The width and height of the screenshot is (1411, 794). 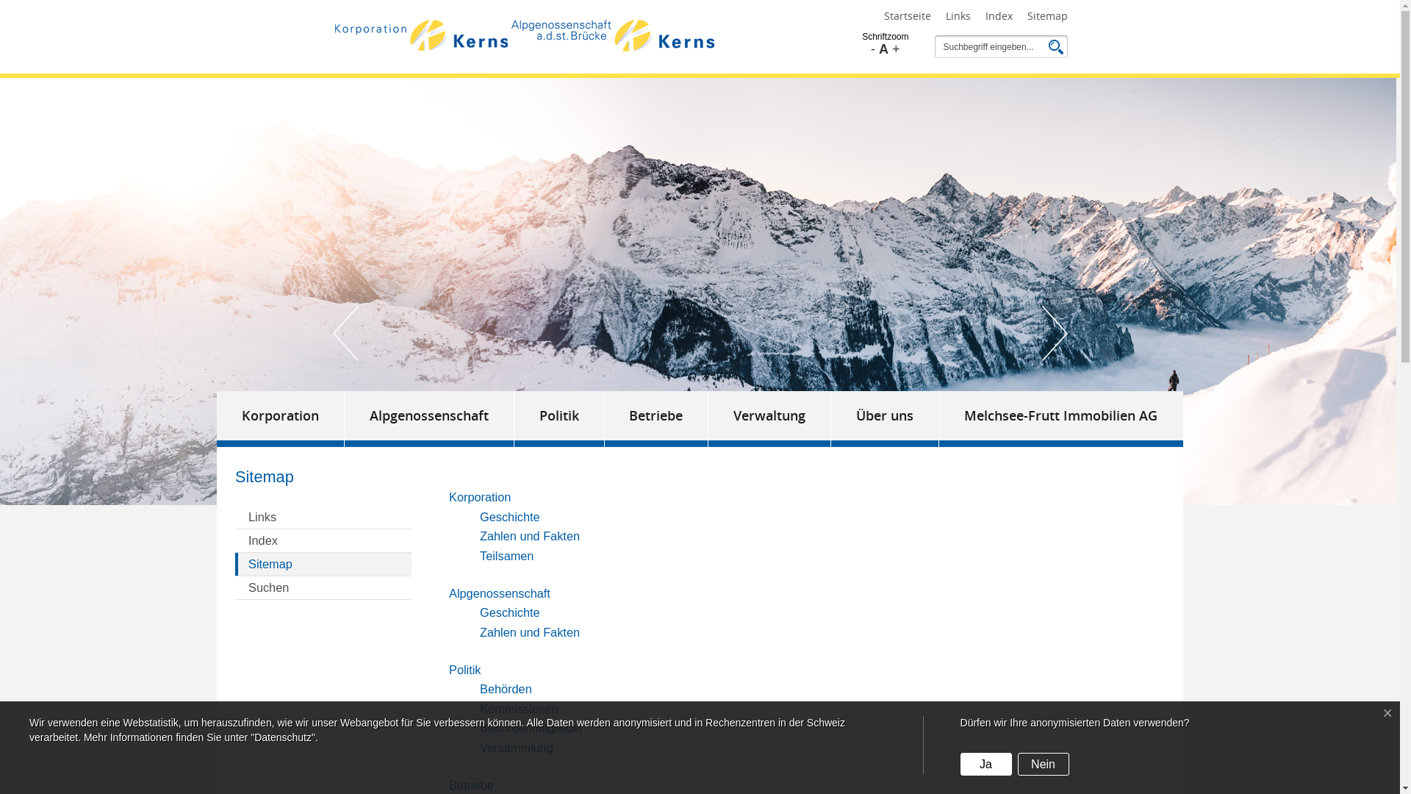 I want to click on 'Betriebe', so click(x=604, y=419).